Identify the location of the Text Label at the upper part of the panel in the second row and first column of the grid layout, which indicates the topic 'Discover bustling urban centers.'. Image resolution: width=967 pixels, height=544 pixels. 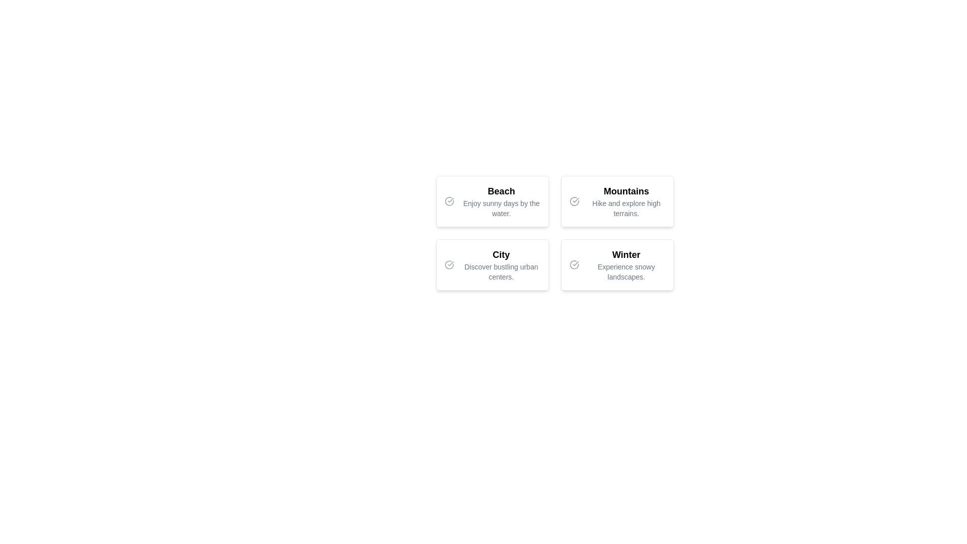
(501, 254).